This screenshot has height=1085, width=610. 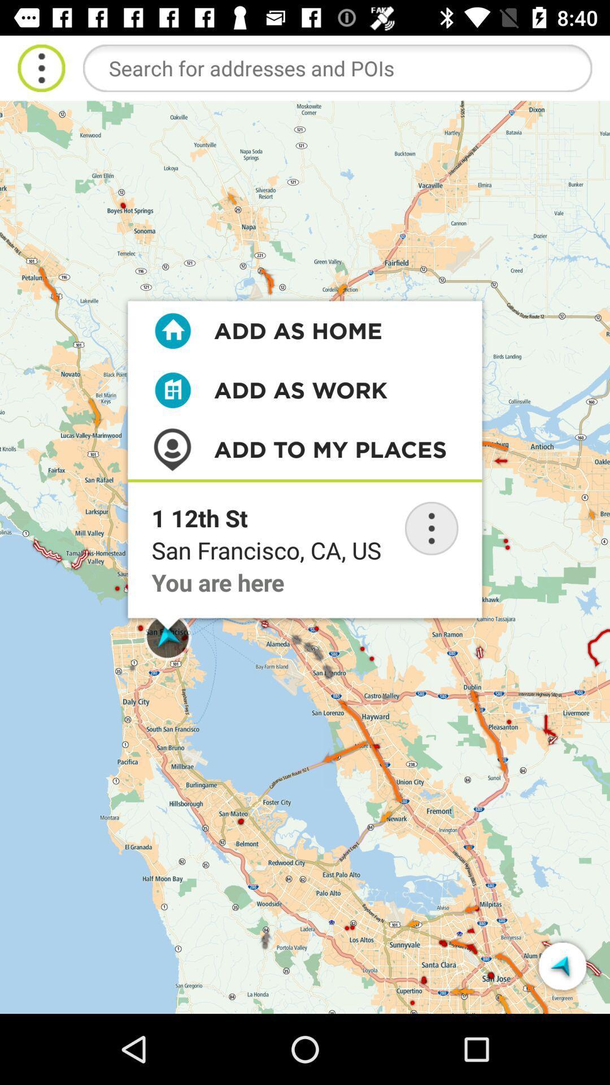 What do you see at coordinates (41, 67) in the screenshot?
I see `menu` at bounding box center [41, 67].